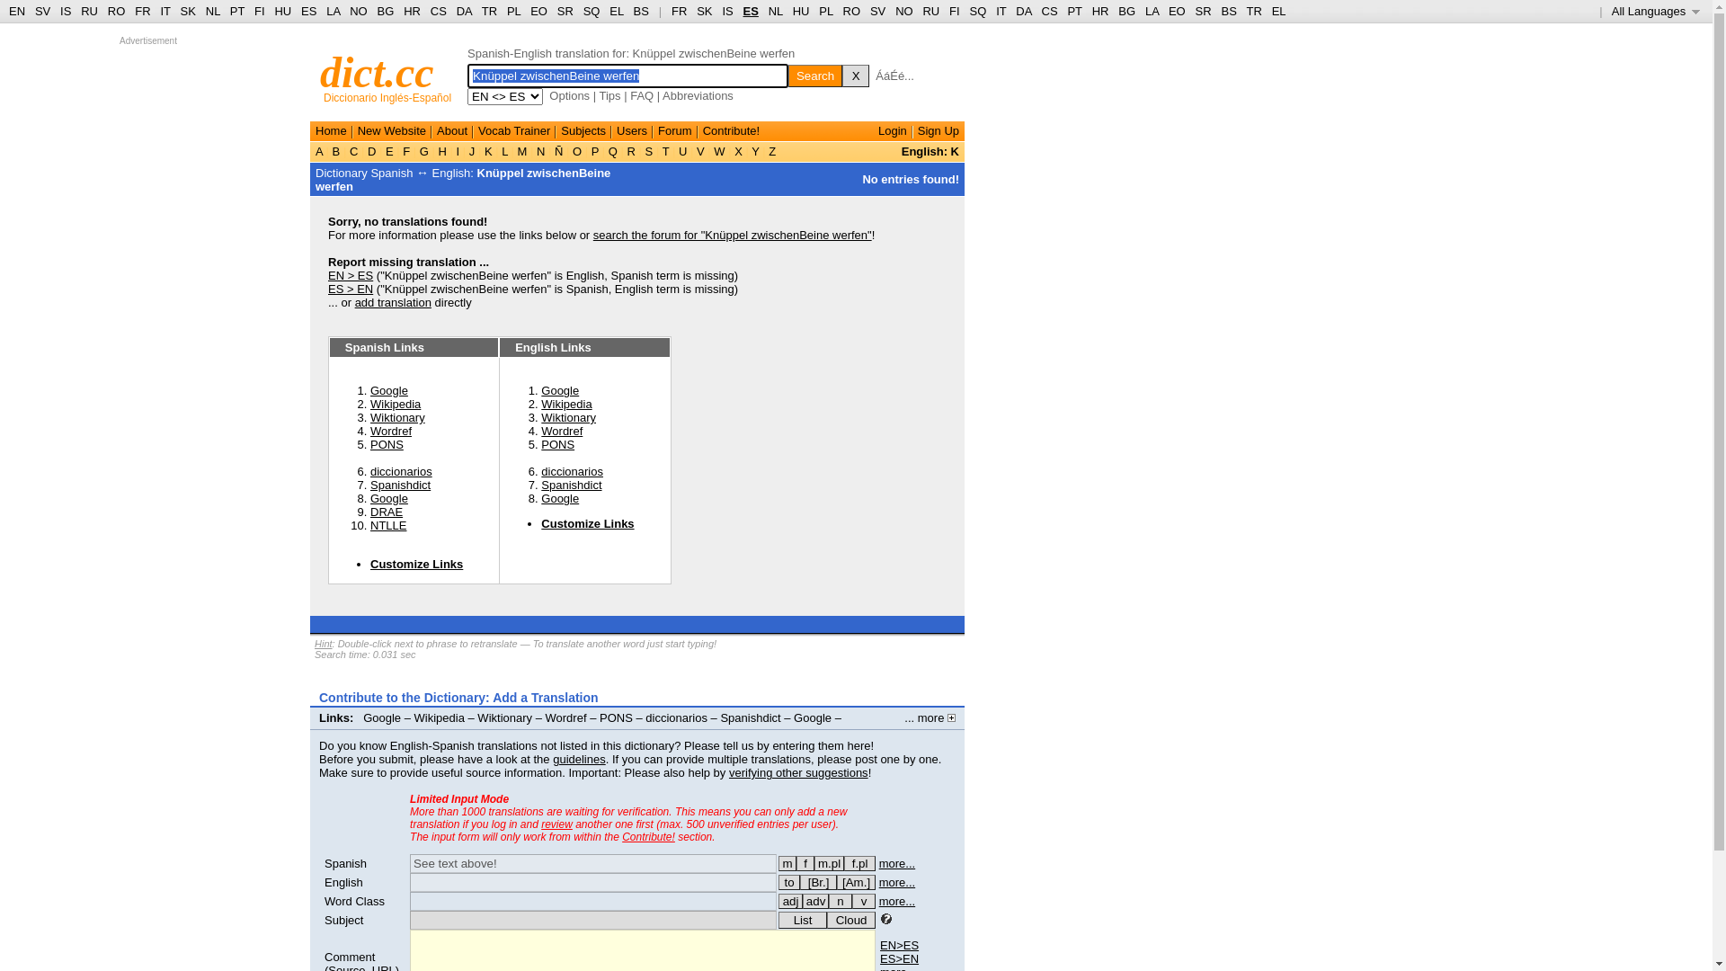  I want to click on 'f', so click(796, 862).